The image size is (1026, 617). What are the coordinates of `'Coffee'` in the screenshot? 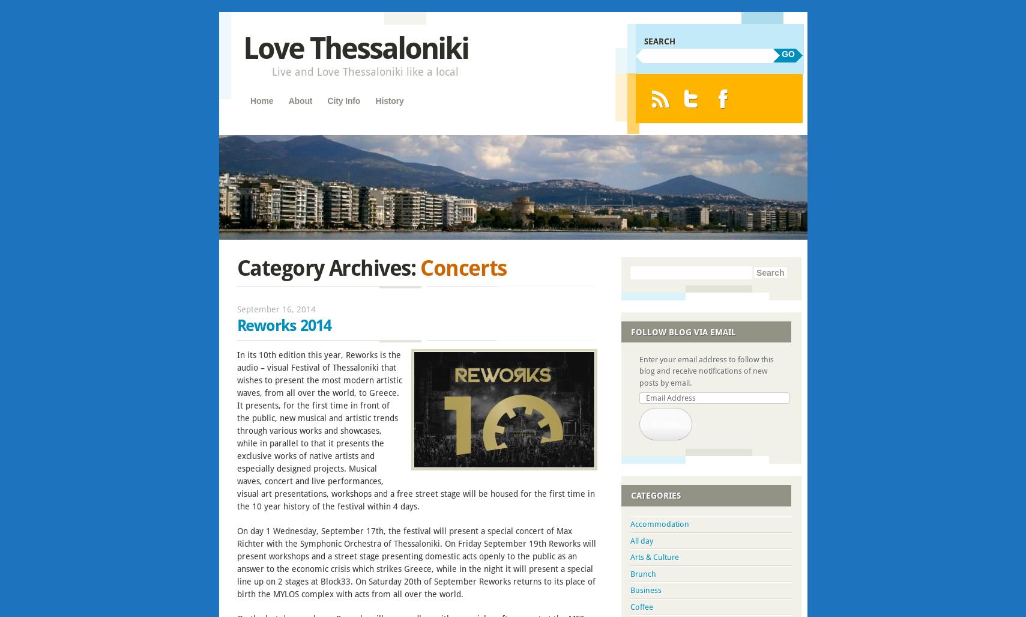 It's located at (641, 606).